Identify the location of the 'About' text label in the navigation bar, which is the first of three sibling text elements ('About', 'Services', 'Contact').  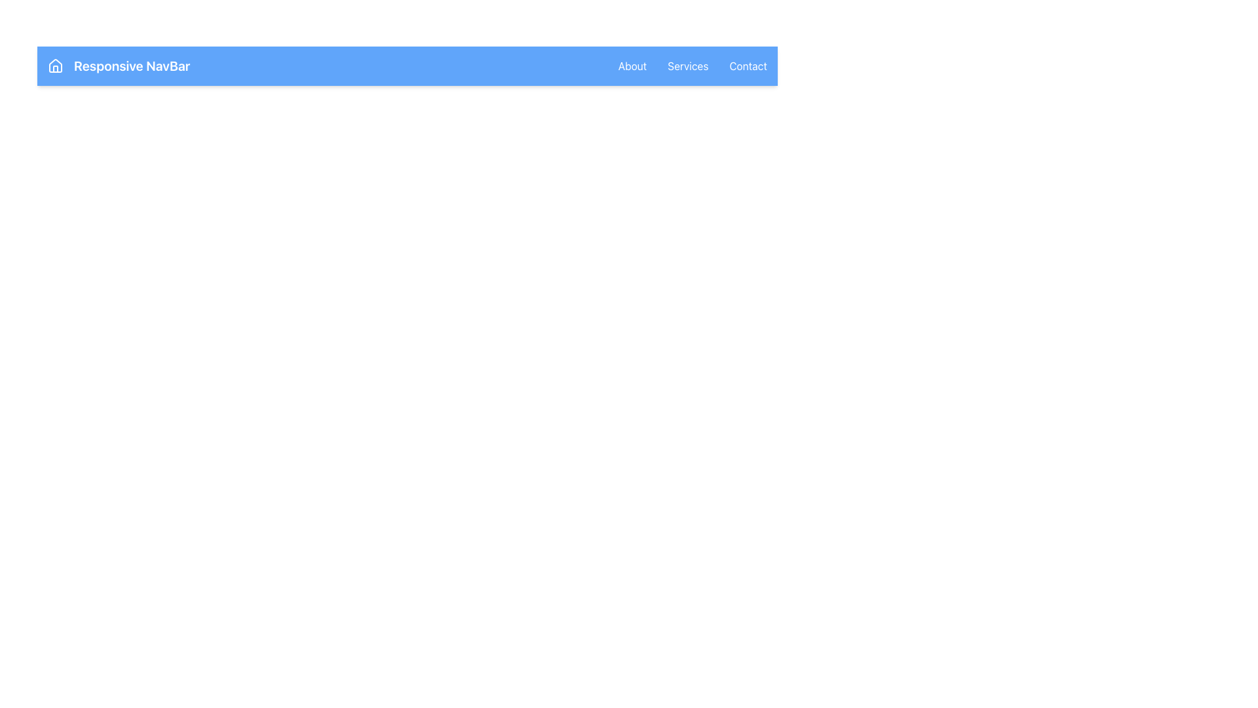
(632, 66).